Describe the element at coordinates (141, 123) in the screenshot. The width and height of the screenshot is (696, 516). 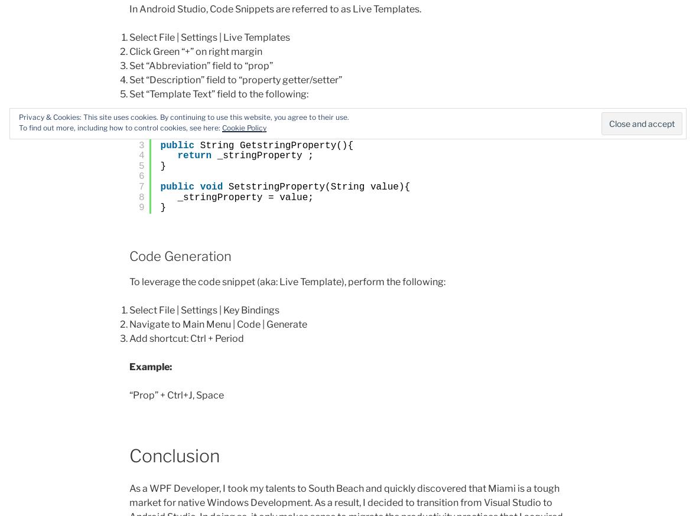
I see `'1'` at that location.